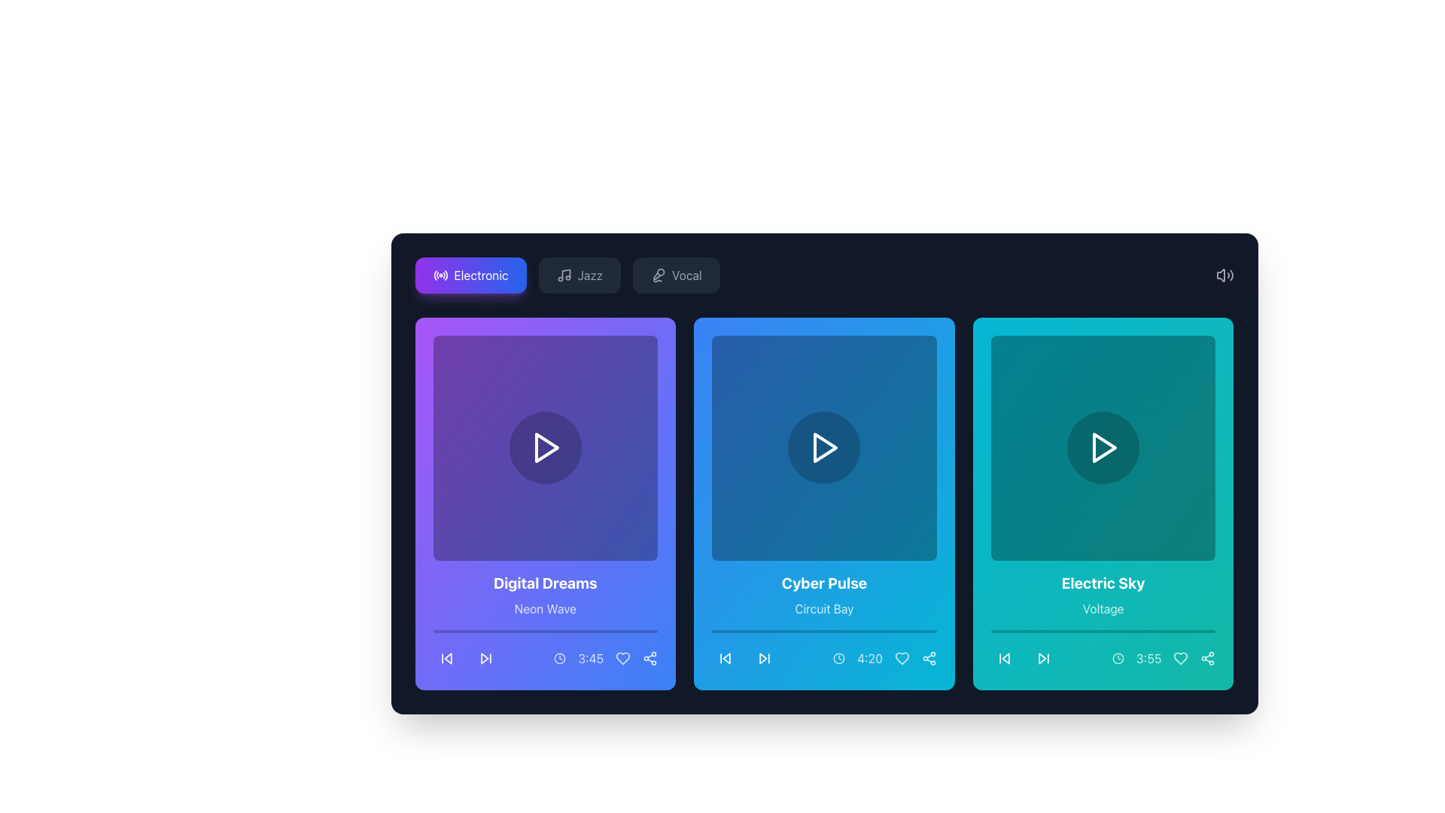 The height and width of the screenshot is (813, 1445). Describe the element at coordinates (823, 631) in the screenshot. I see `the thin horizontal progress bar located beneath the 'Circuit Bay' text in the 'Cyber Pulse' card` at that location.